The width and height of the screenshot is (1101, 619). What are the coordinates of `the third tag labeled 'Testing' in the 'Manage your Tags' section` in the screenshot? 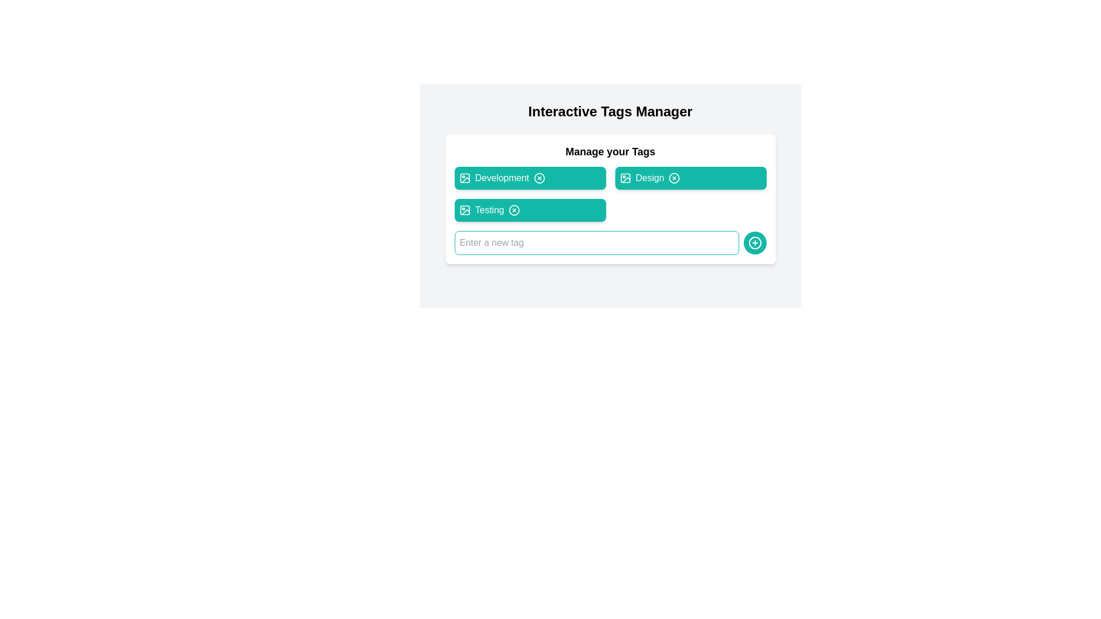 It's located at (489, 210).